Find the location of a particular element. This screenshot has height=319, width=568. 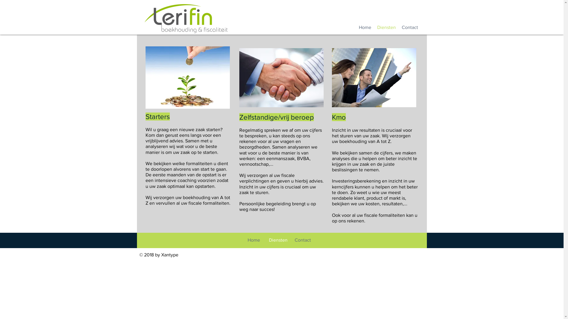

'plan vision' is located at coordinates (374, 77).